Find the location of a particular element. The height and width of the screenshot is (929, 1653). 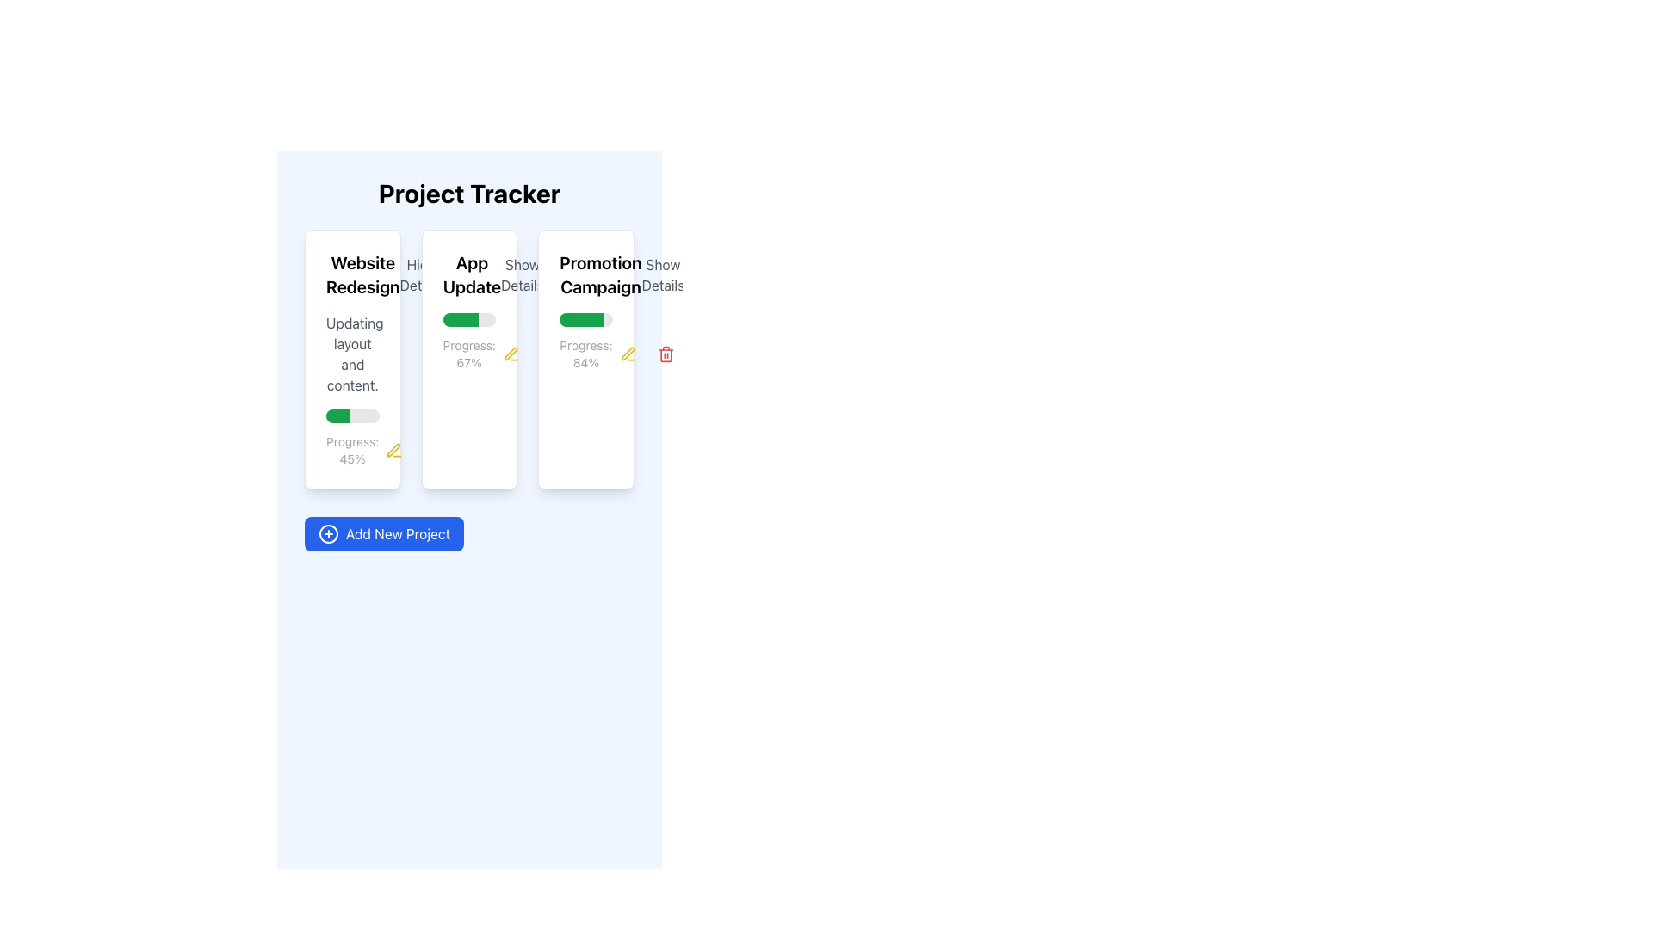

the icon button located in the bottom-right corner of the 'App Update' card is located at coordinates (510, 354).